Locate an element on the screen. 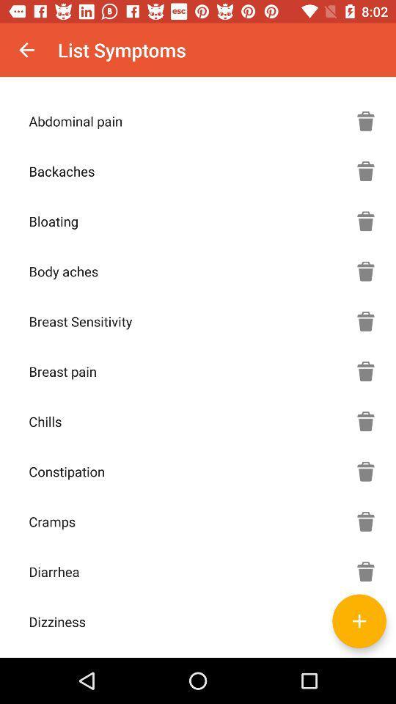 This screenshot has width=396, height=704. activates dizziness function is located at coordinates (365, 620).